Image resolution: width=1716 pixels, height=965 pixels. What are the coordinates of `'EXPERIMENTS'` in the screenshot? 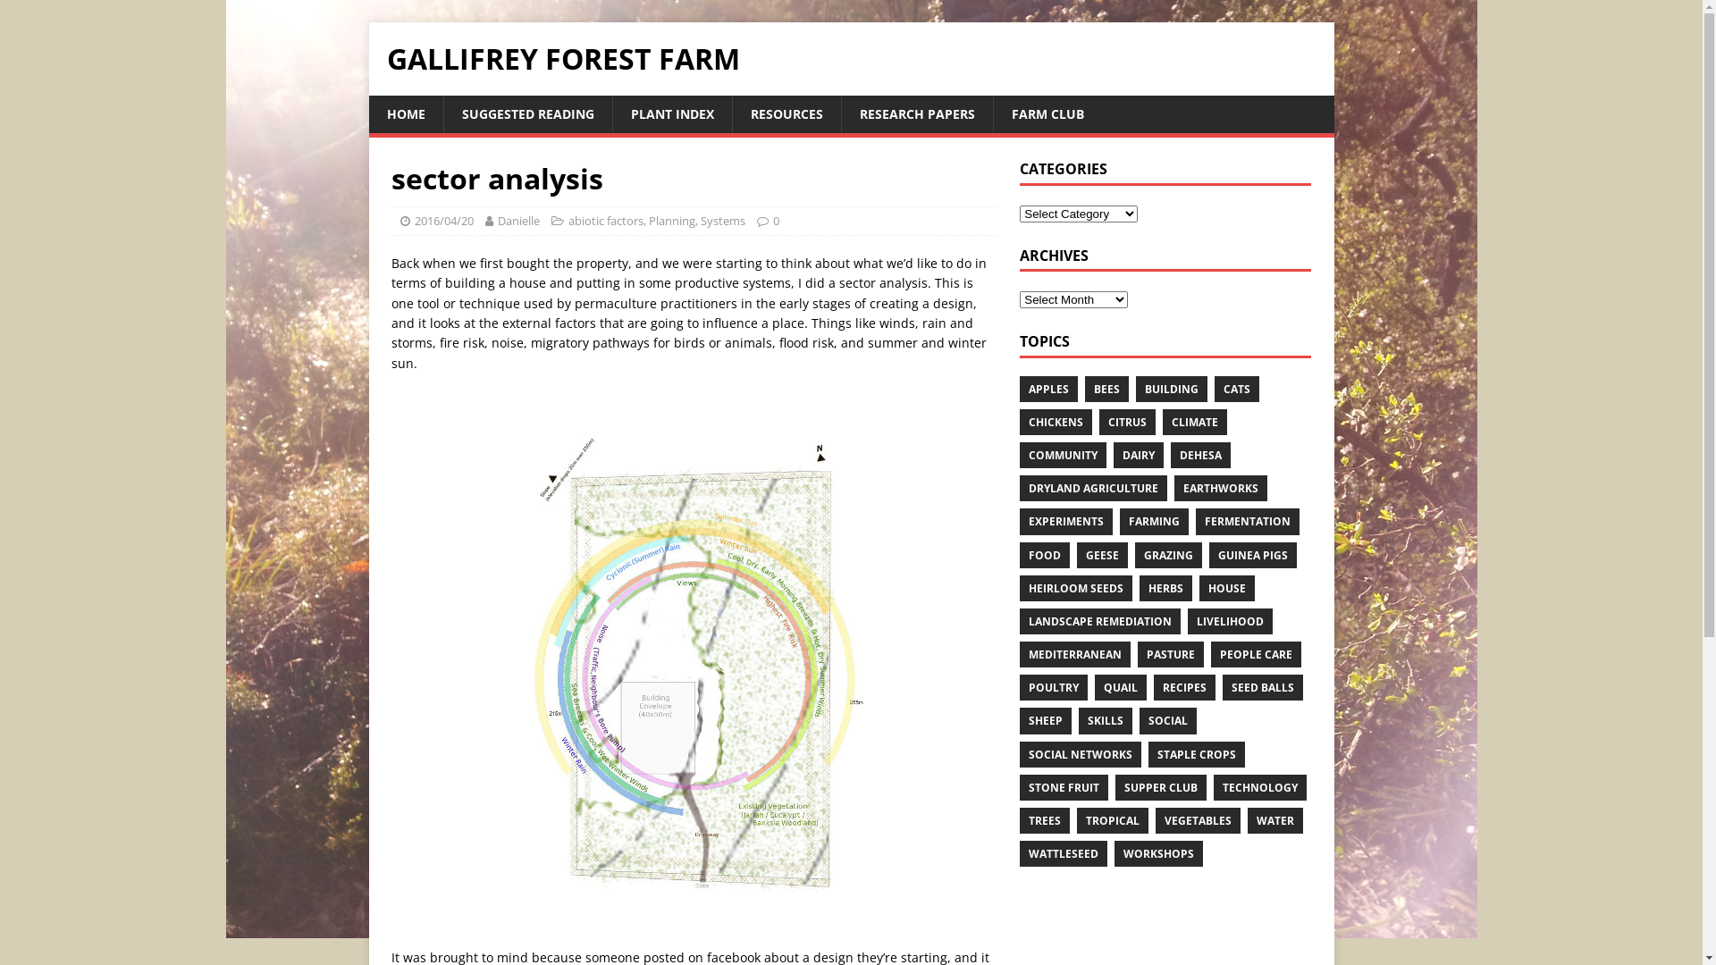 It's located at (1066, 521).